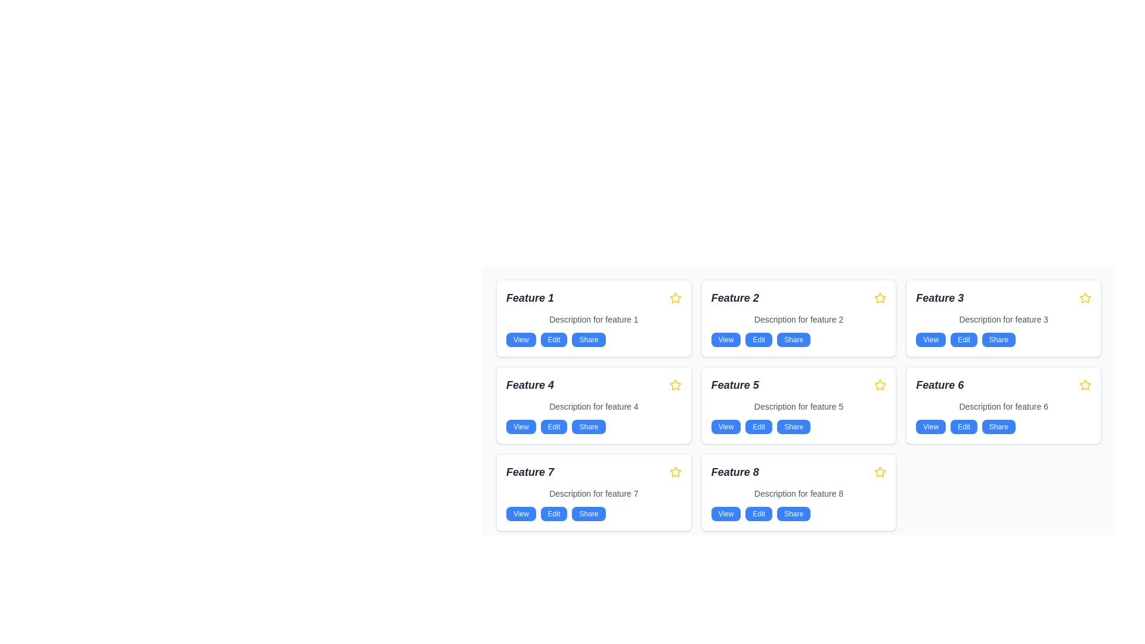  What do you see at coordinates (880, 385) in the screenshot?
I see `the star-shaped icon with a yellow fill and white interior located in the top-right corner of the card labeled 'Feature 5'` at bounding box center [880, 385].